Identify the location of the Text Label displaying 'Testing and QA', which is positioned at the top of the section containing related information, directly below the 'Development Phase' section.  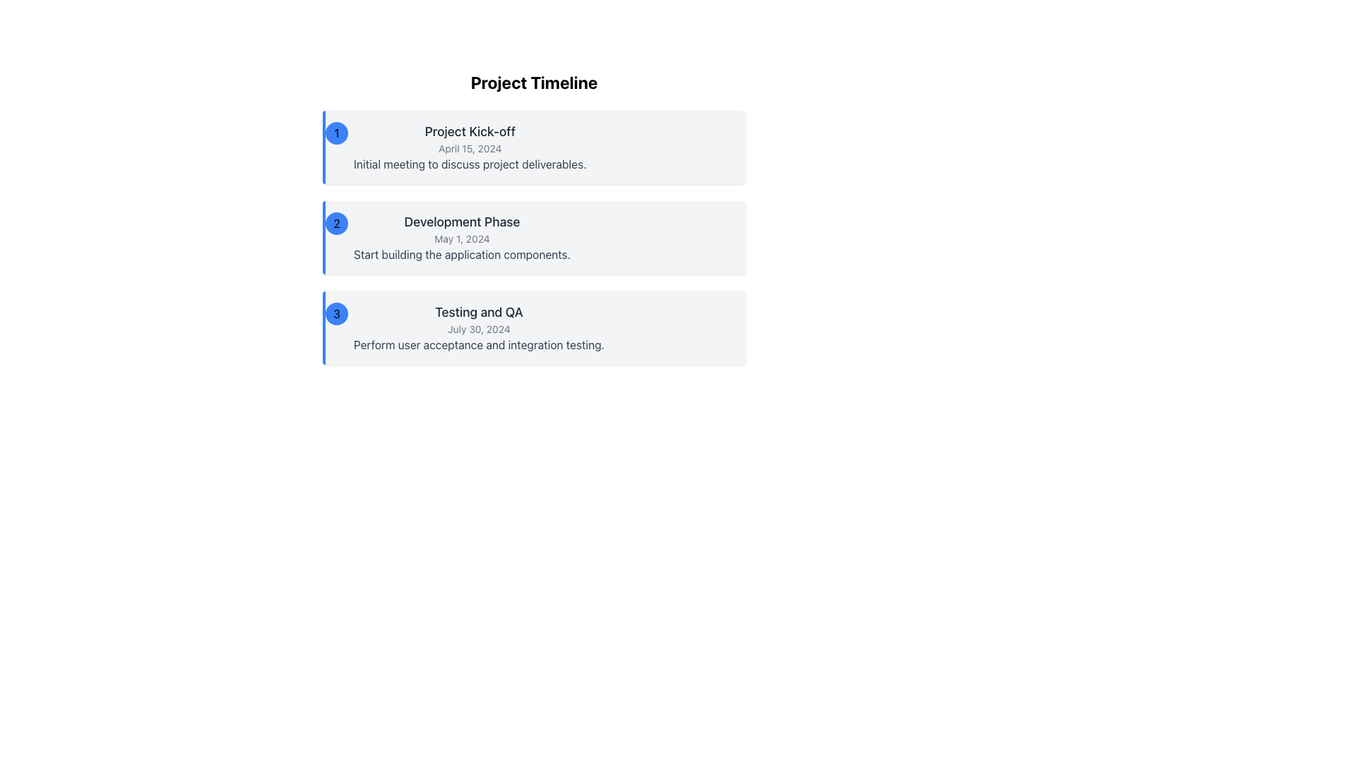
(479, 312).